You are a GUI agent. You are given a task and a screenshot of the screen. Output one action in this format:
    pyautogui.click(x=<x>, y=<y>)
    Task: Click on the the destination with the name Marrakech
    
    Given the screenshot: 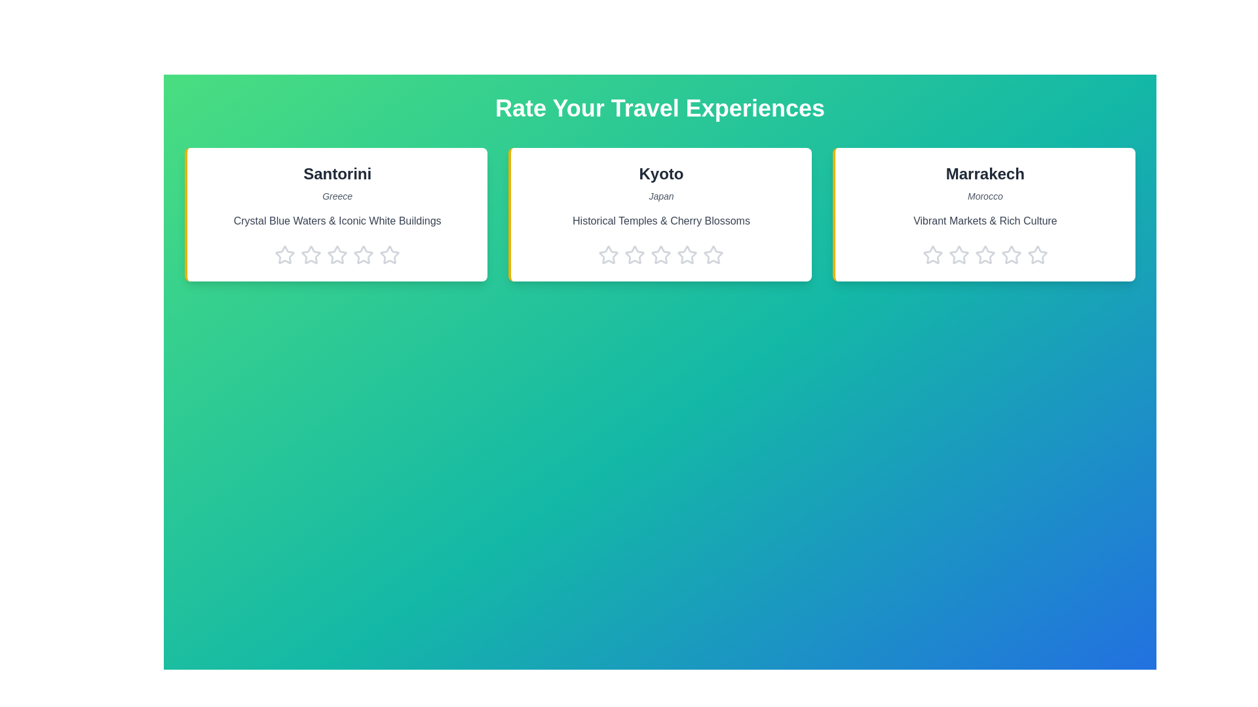 What is the action you would take?
    pyautogui.click(x=984, y=173)
    